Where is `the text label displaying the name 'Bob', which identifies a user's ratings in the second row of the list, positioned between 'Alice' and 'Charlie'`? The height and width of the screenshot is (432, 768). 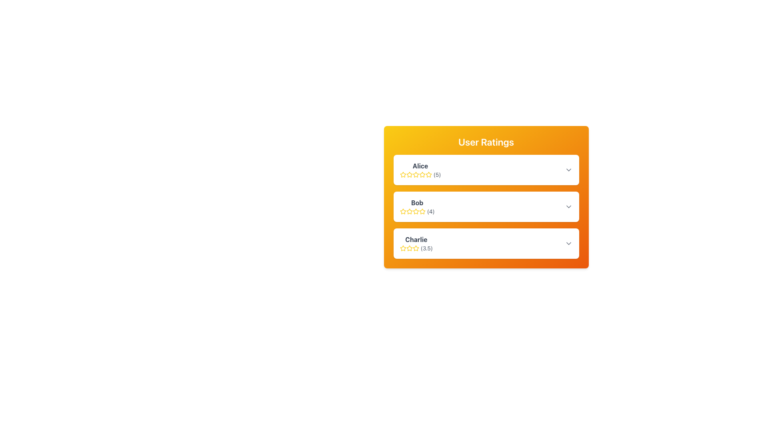
the text label displaying the name 'Bob', which identifies a user's ratings in the second row of the list, positioned between 'Alice' and 'Charlie' is located at coordinates (417, 202).